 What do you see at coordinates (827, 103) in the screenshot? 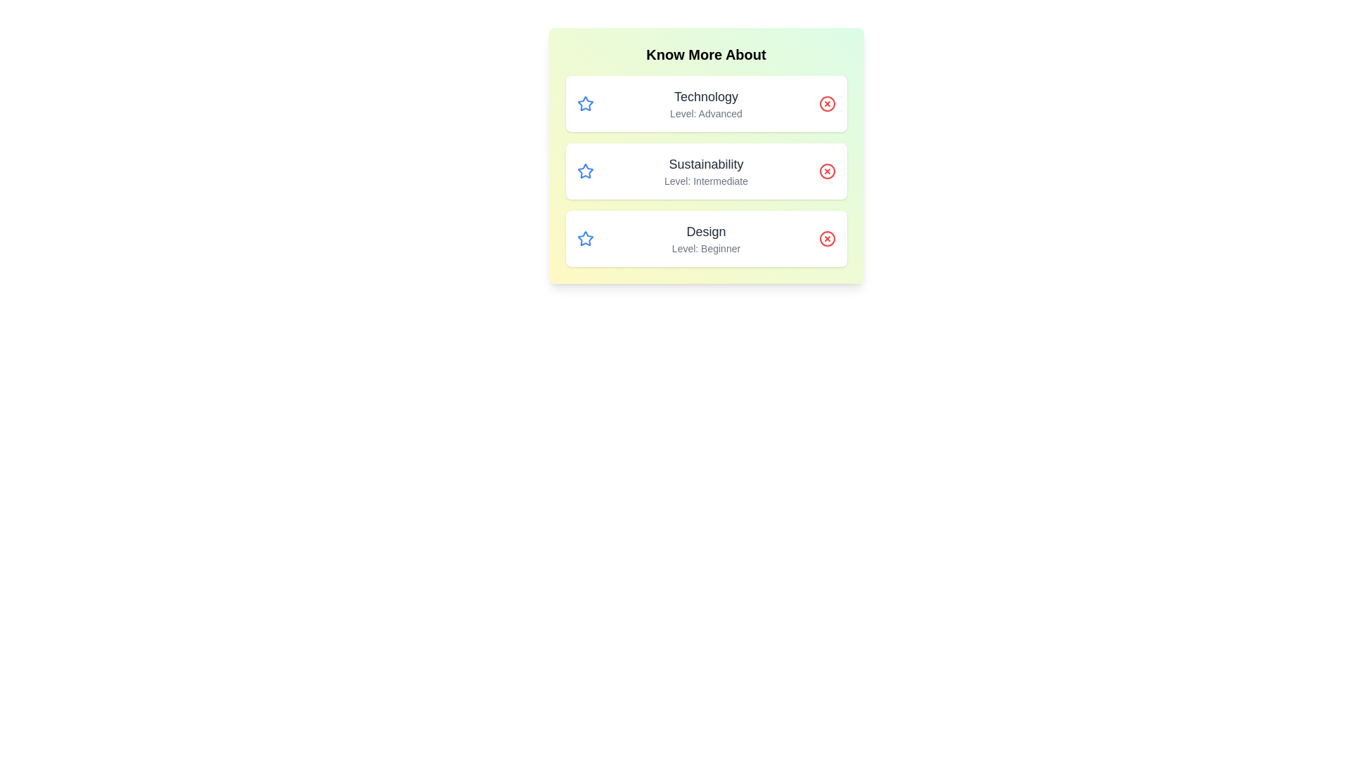
I see `the 'X' button next to the topic Technology to remove it from the list` at bounding box center [827, 103].